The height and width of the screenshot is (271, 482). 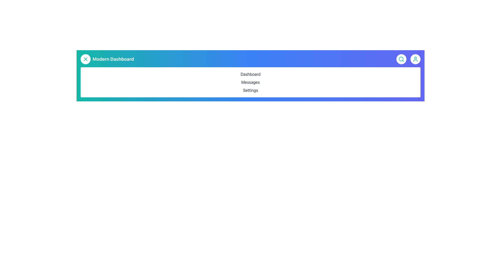 What do you see at coordinates (415, 59) in the screenshot?
I see `the user profile or account access button located at the top-right corner of the interface` at bounding box center [415, 59].